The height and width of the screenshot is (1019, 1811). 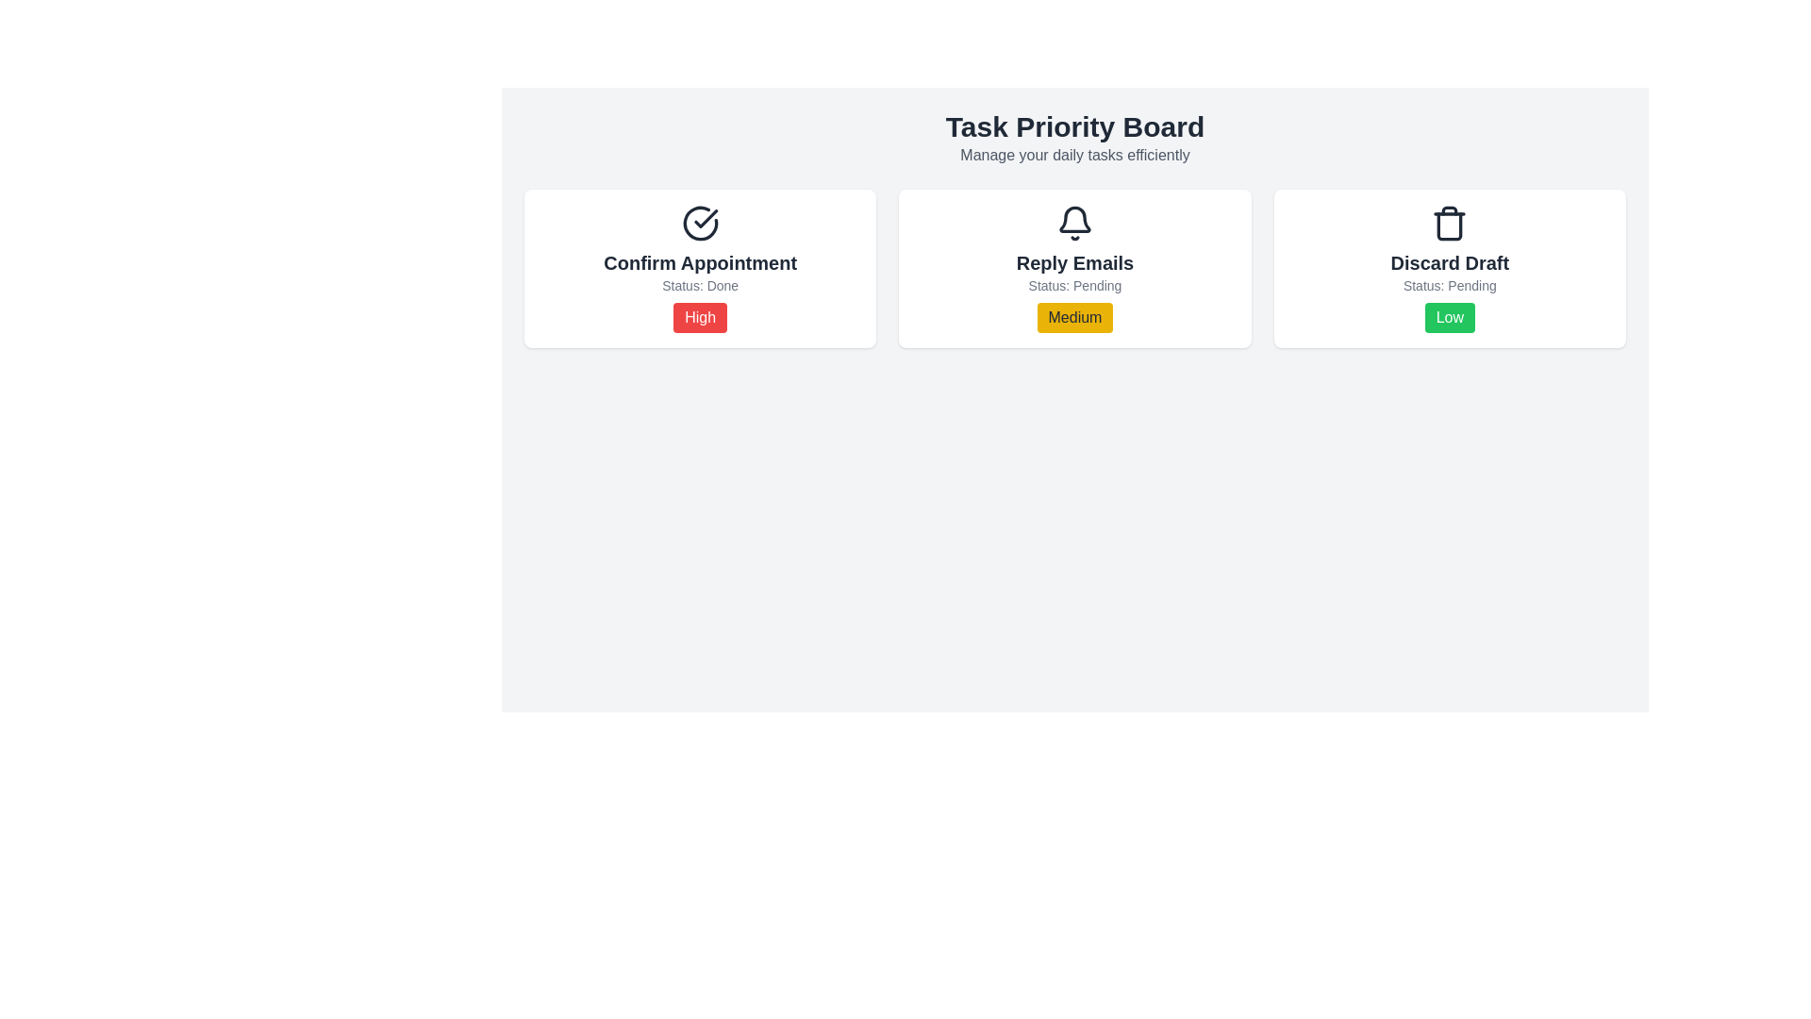 I want to click on the Header Section which serves as the title and brief description for the task management board interface, located centrally at the top of the page, so click(x=1075, y=137).